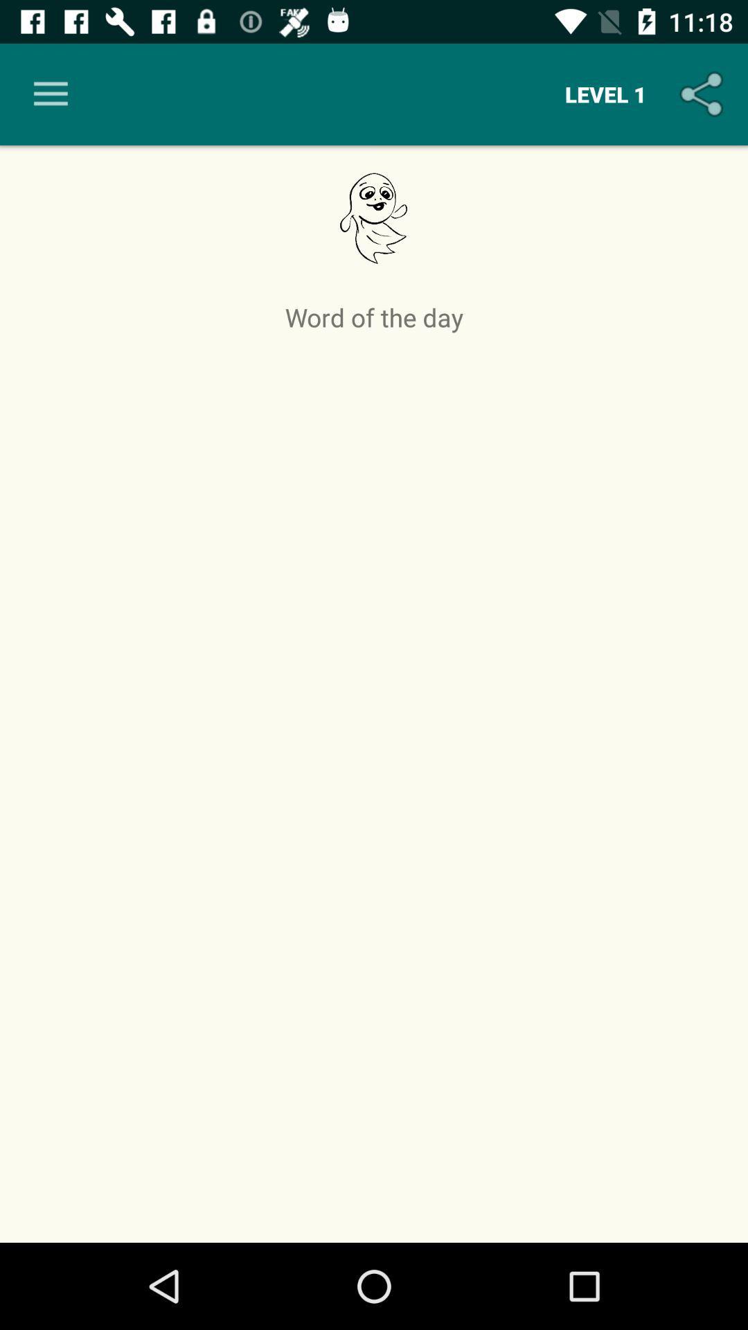 The height and width of the screenshot is (1330, 748). What do you see at coordinates (50, 94) in the screenshot?
I see `icon above the word of the` at bounding box center [50, 94].